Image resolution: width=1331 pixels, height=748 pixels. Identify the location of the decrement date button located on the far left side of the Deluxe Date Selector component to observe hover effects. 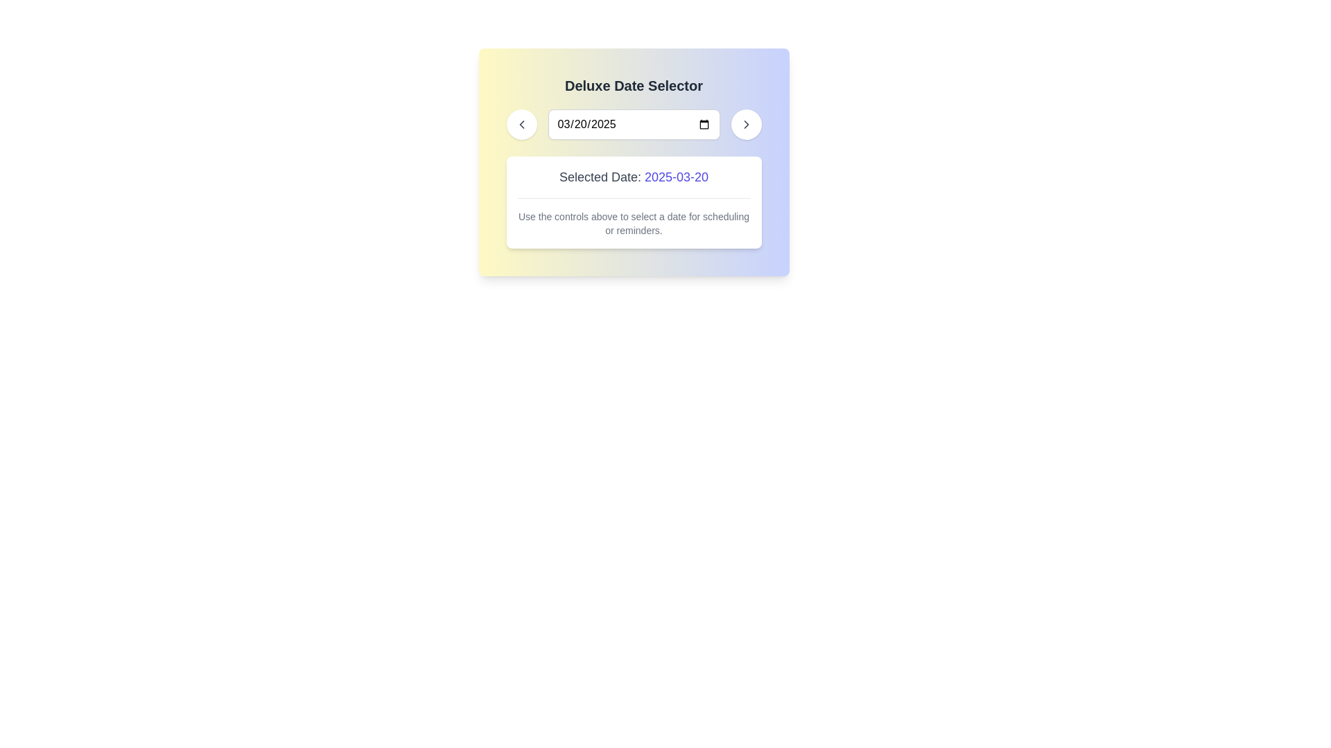
(521, 125).